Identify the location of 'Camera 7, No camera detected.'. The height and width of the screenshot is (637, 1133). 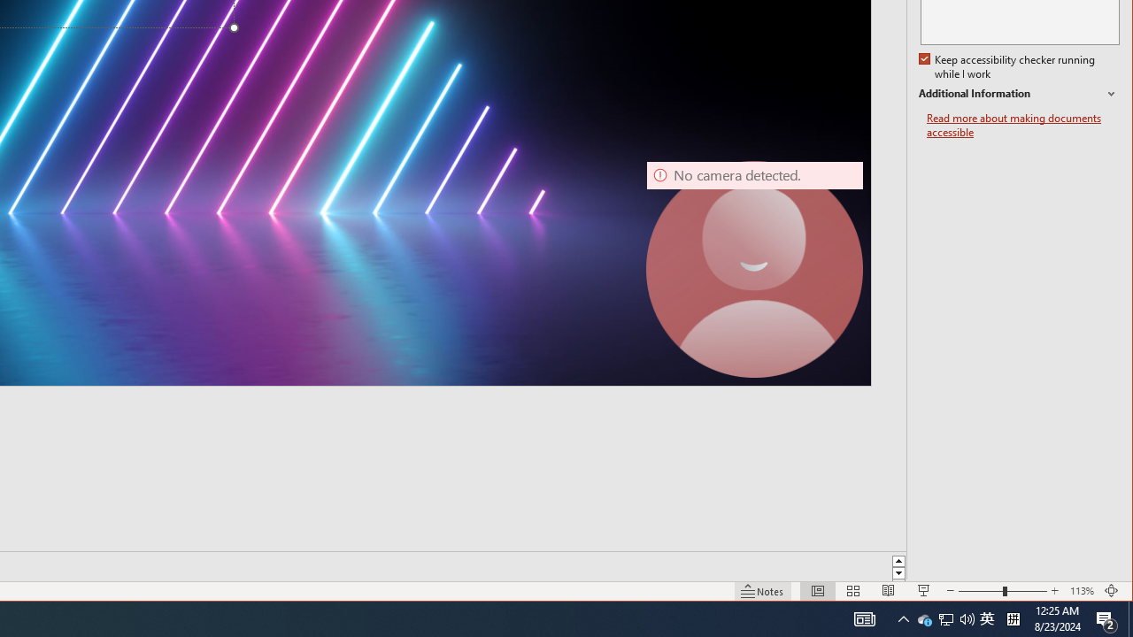
(755, 269).